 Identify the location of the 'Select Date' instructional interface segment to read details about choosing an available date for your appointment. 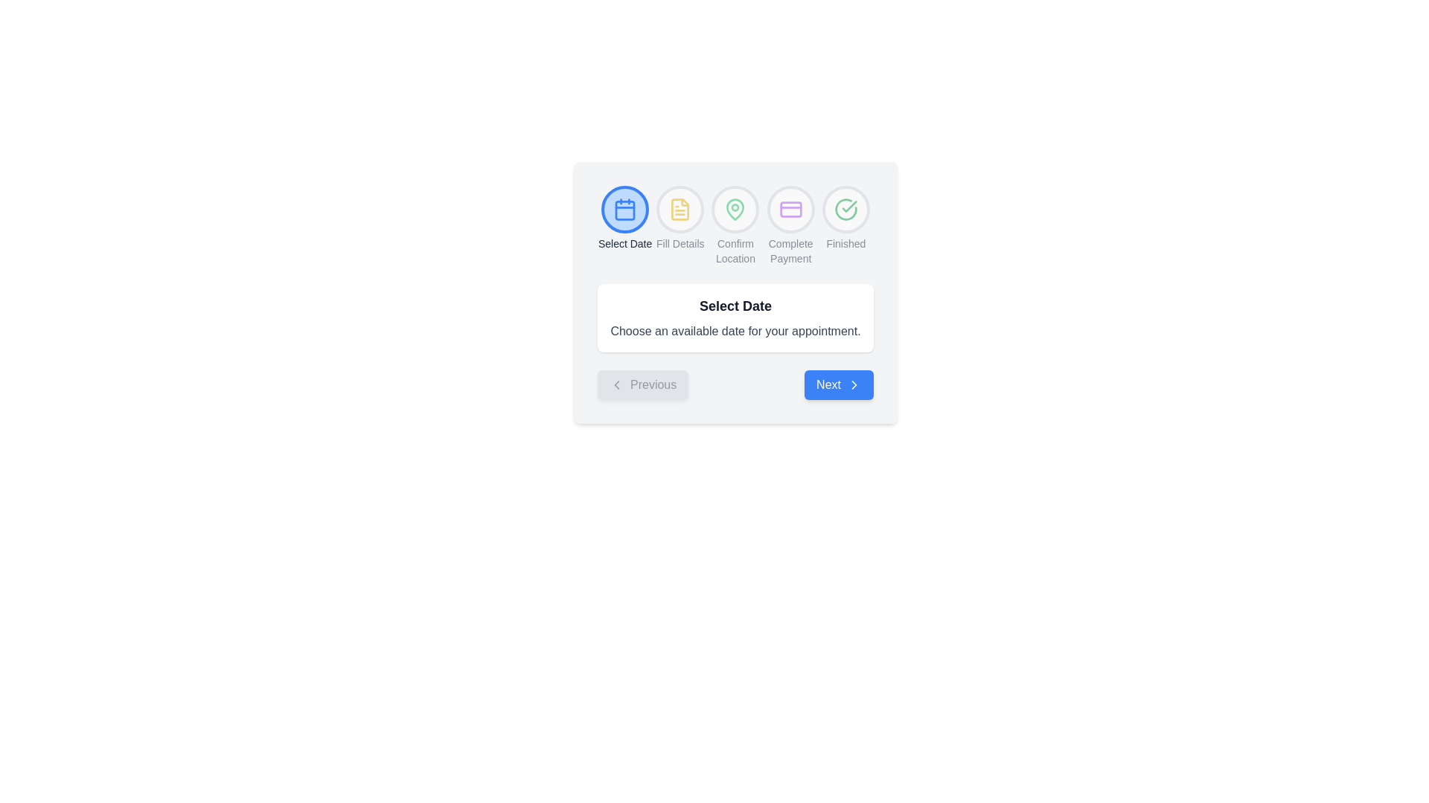
(735, 292).